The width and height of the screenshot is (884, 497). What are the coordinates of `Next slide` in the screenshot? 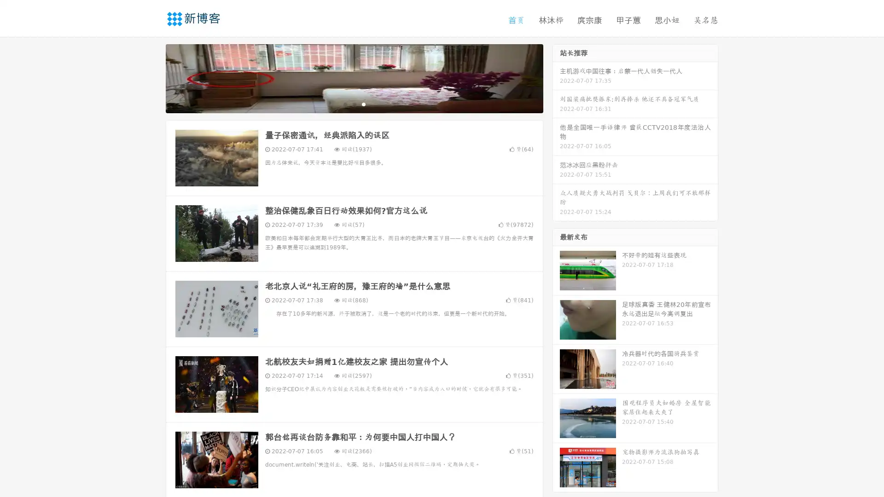 It's located at (556, 77).